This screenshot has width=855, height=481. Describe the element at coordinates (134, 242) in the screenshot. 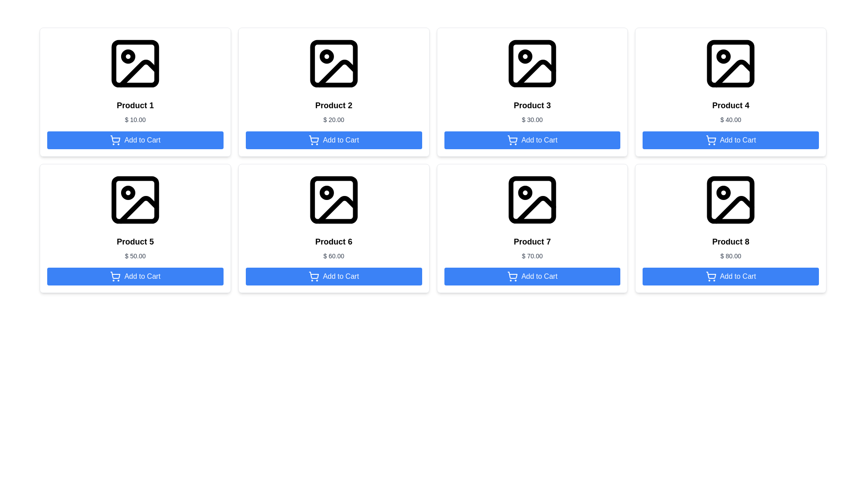

I see `the product title text element for 'Product 5', which is located in the first column of the second row of the grid, just below the product image and above the product price` at that location.